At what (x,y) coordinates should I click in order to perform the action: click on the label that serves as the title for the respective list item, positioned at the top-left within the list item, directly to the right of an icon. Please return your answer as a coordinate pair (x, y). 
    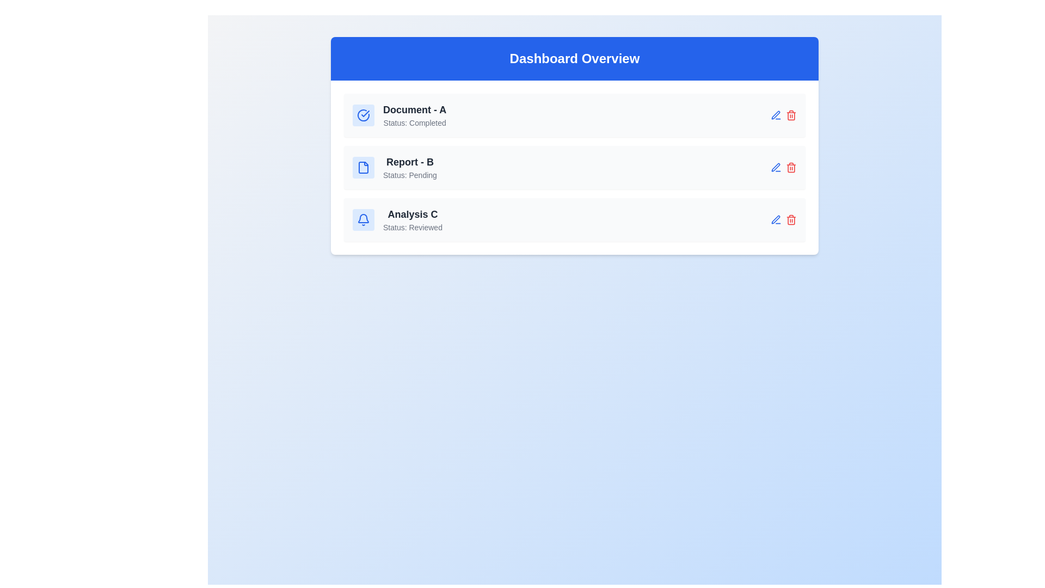
    Looking at the image, I should click on (414, 109).